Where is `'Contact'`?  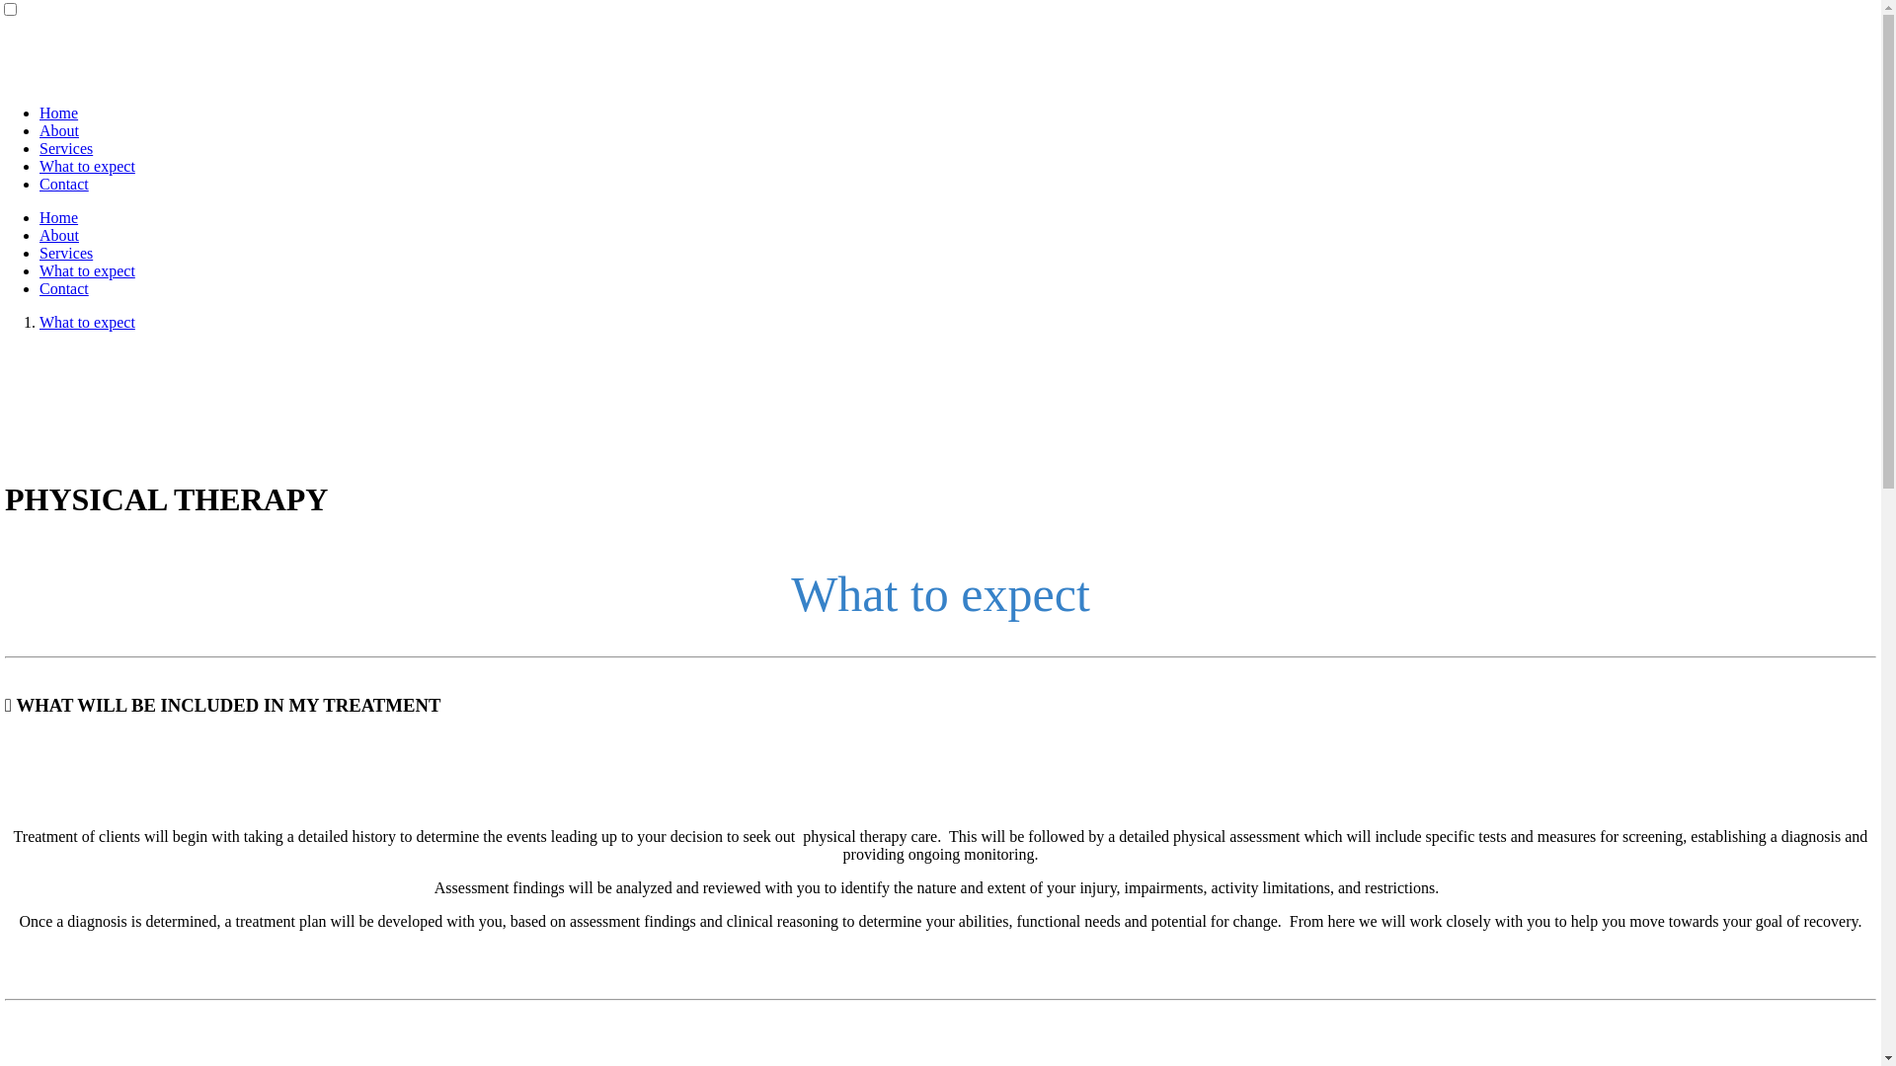 'Contact' is located at coordinates (39, 184).